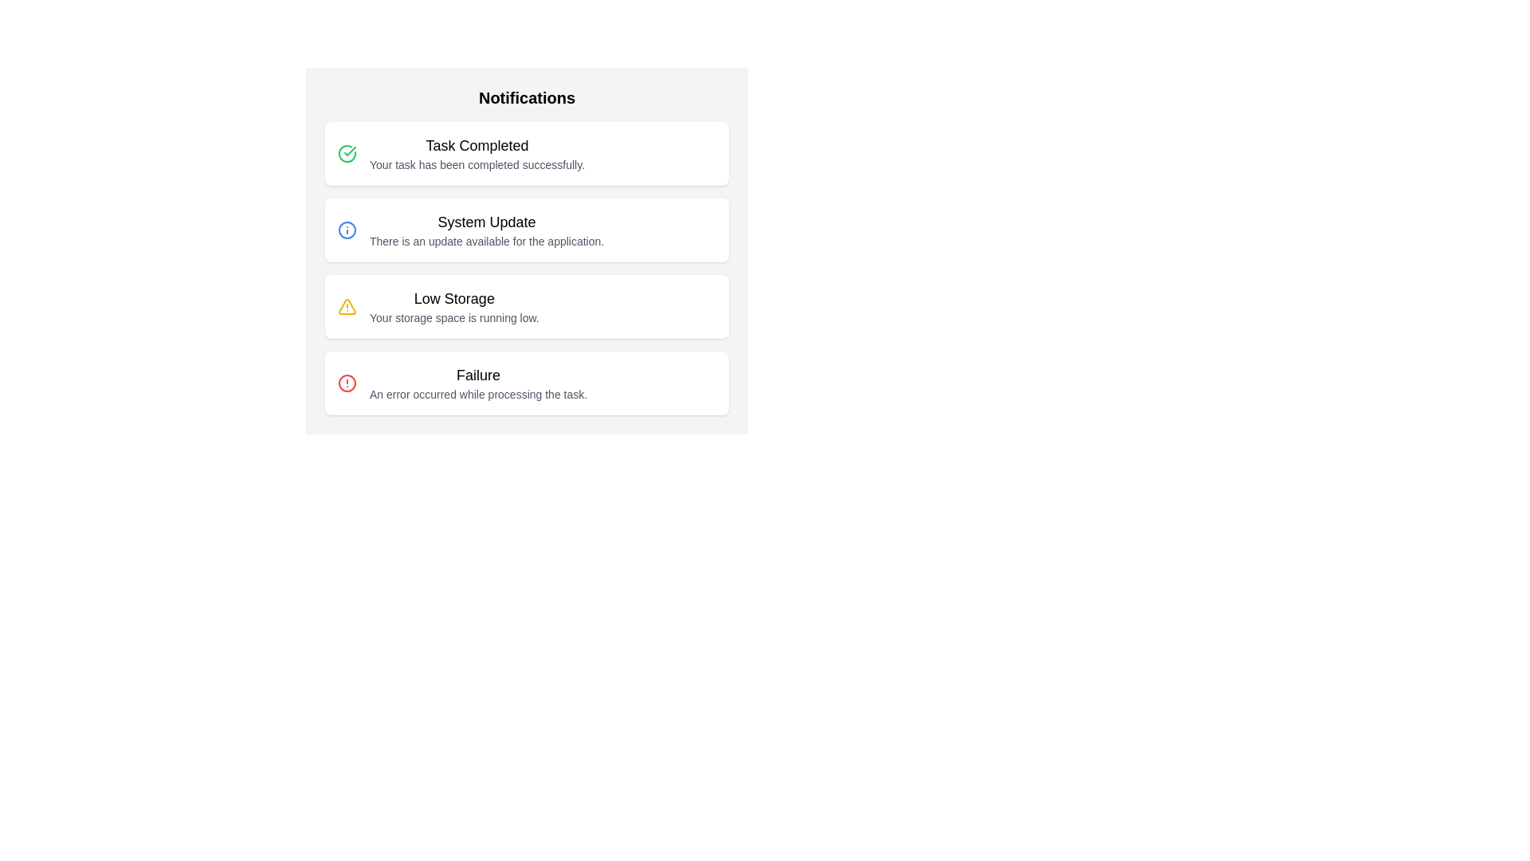 The height and width of the screenshot is (861, 1530). I want to click on the warning icon located to the left of the 'Low Storage' title and its descriptive text within the notification card, so click(347, 307).